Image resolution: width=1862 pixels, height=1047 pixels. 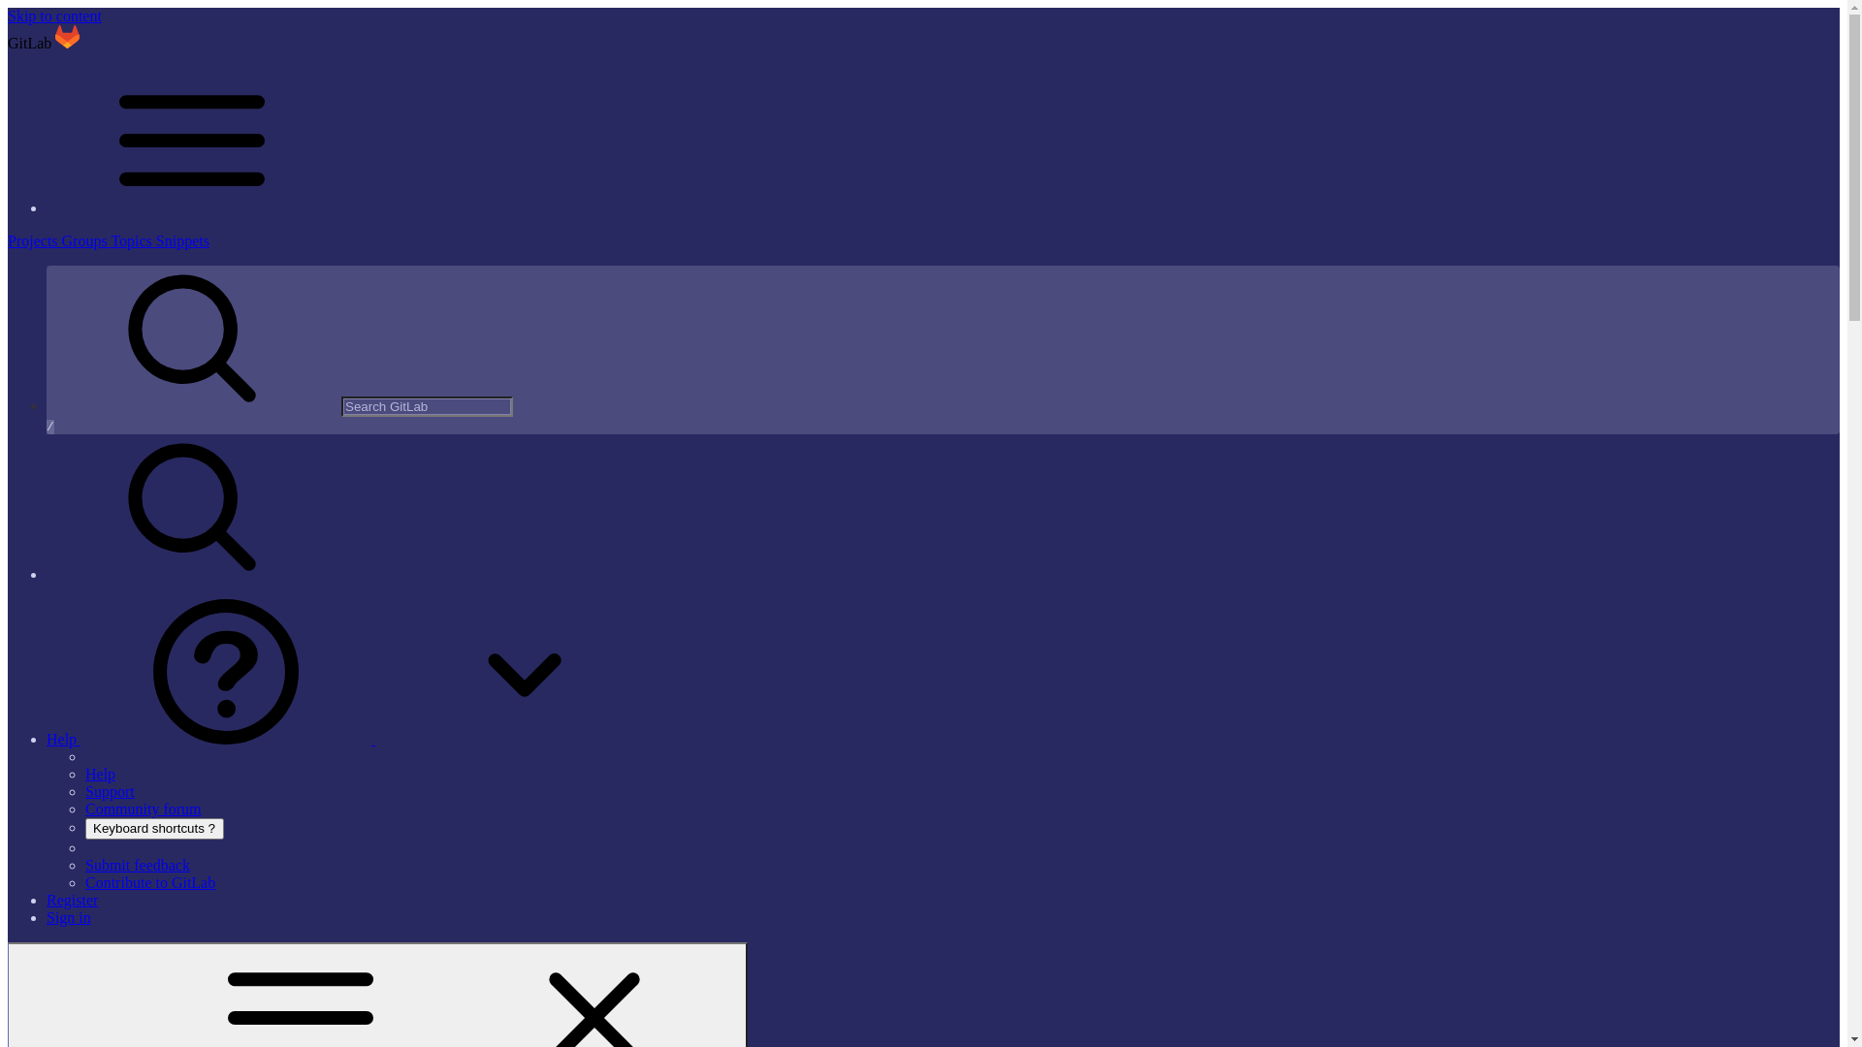 I want to click on 'Contribute to GitLab', so click(x=148, y=882).